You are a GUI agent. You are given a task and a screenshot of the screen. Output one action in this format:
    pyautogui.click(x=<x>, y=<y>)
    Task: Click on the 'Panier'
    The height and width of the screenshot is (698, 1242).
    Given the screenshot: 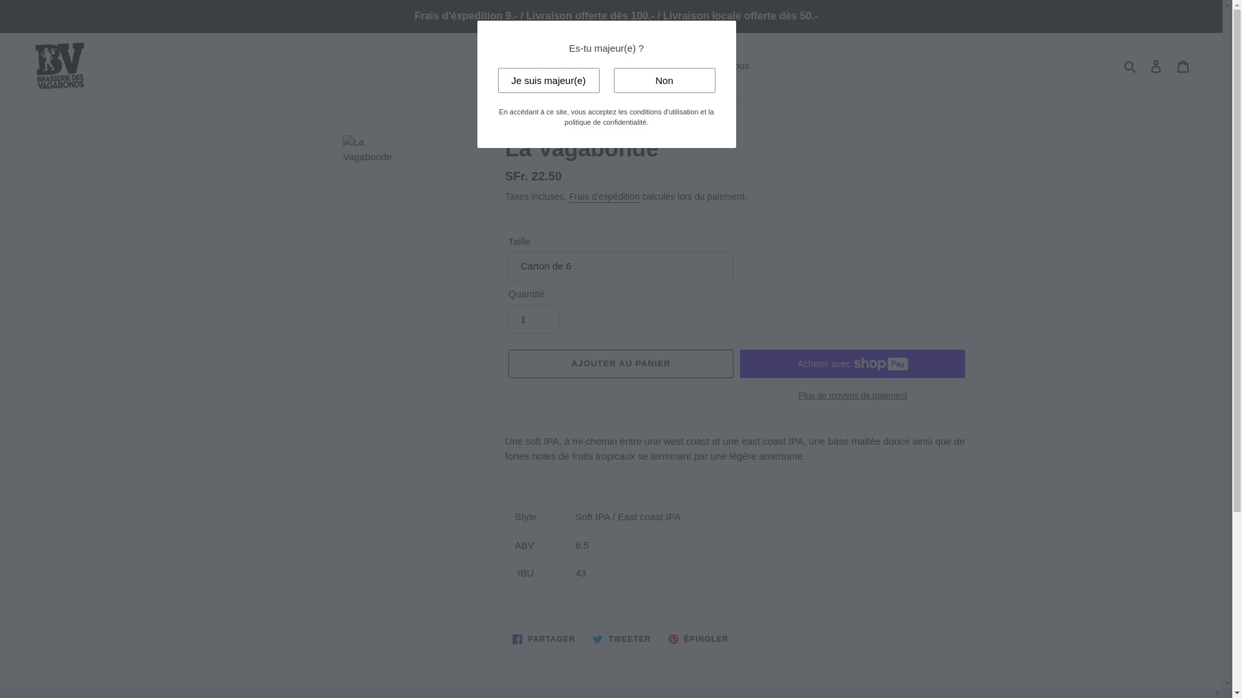 What is the action you would take?
    pyautogui.click(x=1182, y=66)
    